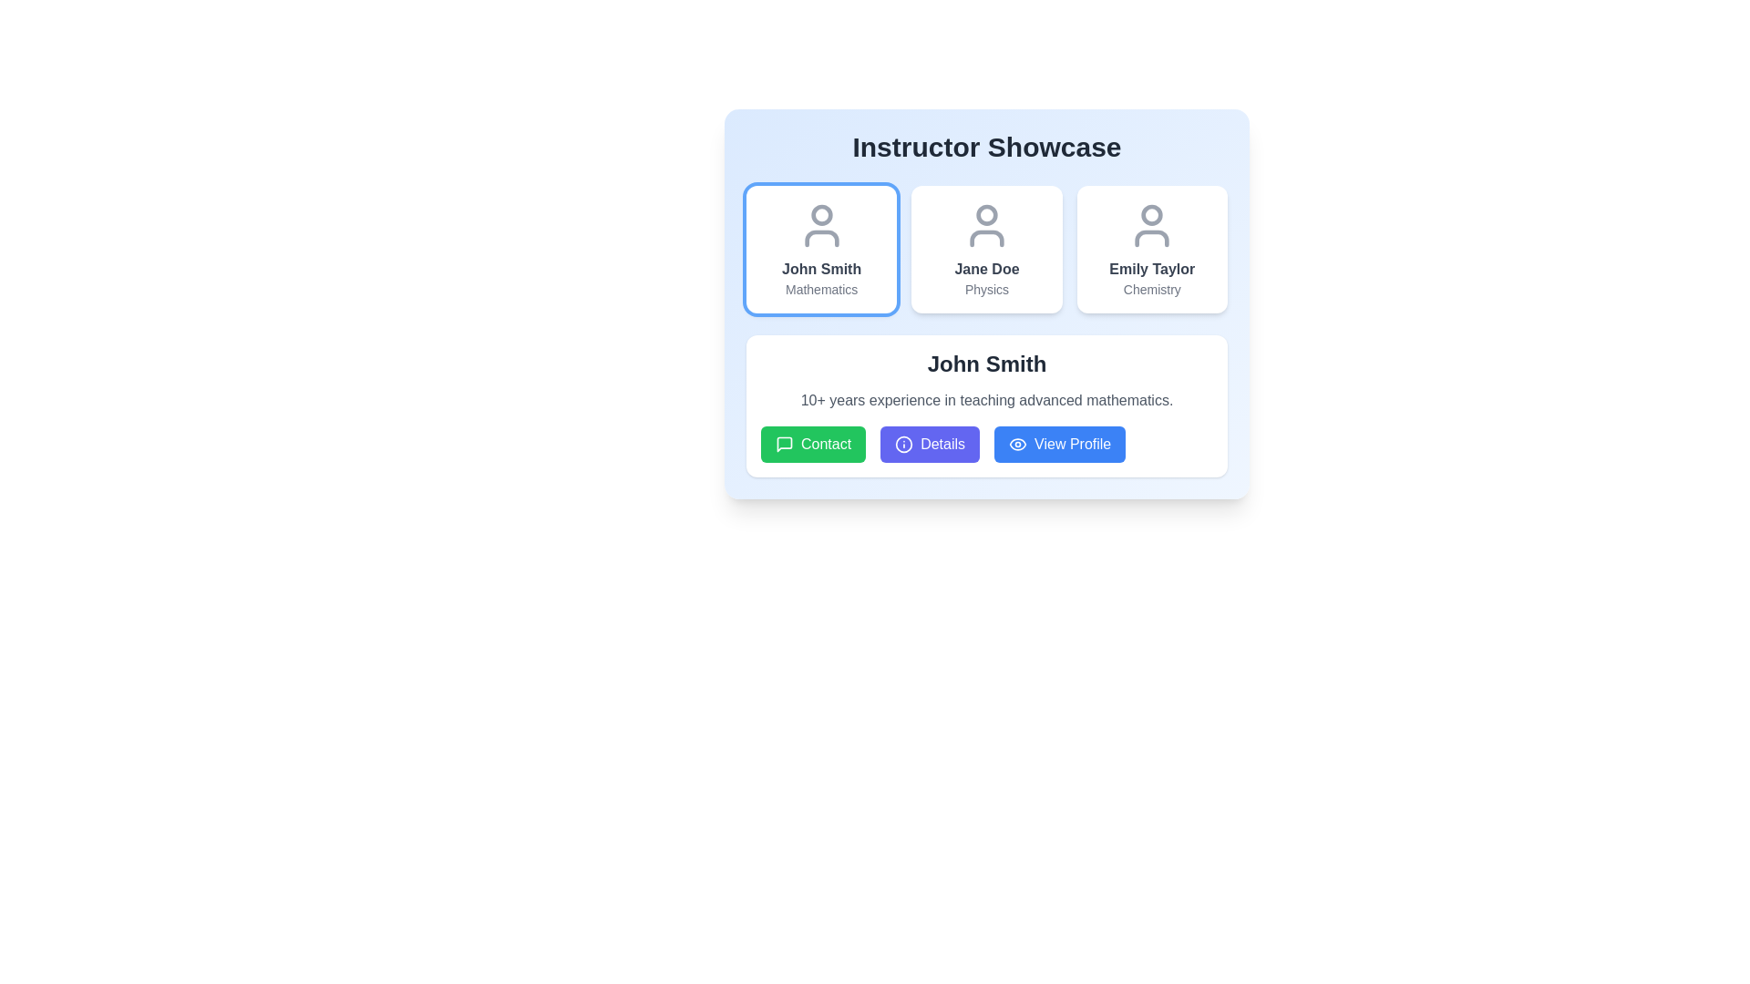  What do you see at coordinates (986, 399) in the screenshot?
I see `text label that states '10+ years experience in teaching advanced mathematics.' located underneath the title 'John Smith' in the middle portion of the highlighted card` at bounding box center [986, 399].